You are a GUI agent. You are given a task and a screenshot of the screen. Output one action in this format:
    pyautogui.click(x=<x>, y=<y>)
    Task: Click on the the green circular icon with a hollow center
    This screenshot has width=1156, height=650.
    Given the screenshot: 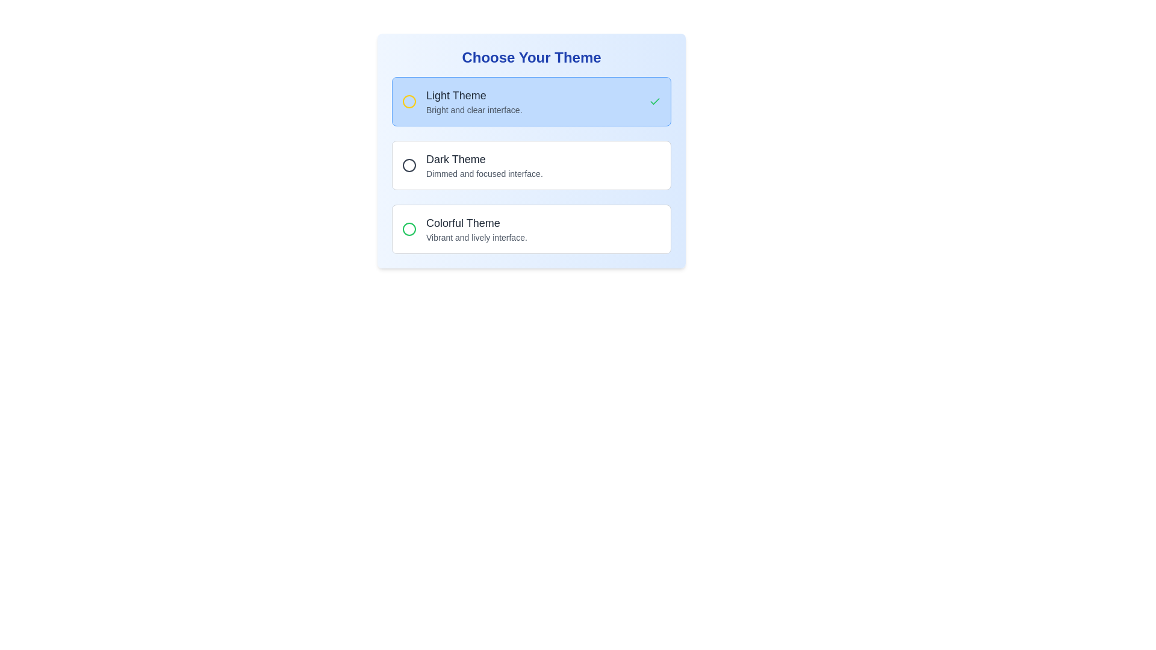 What is the action you would take?
    pyautogui.click(x=409, y=229)
    